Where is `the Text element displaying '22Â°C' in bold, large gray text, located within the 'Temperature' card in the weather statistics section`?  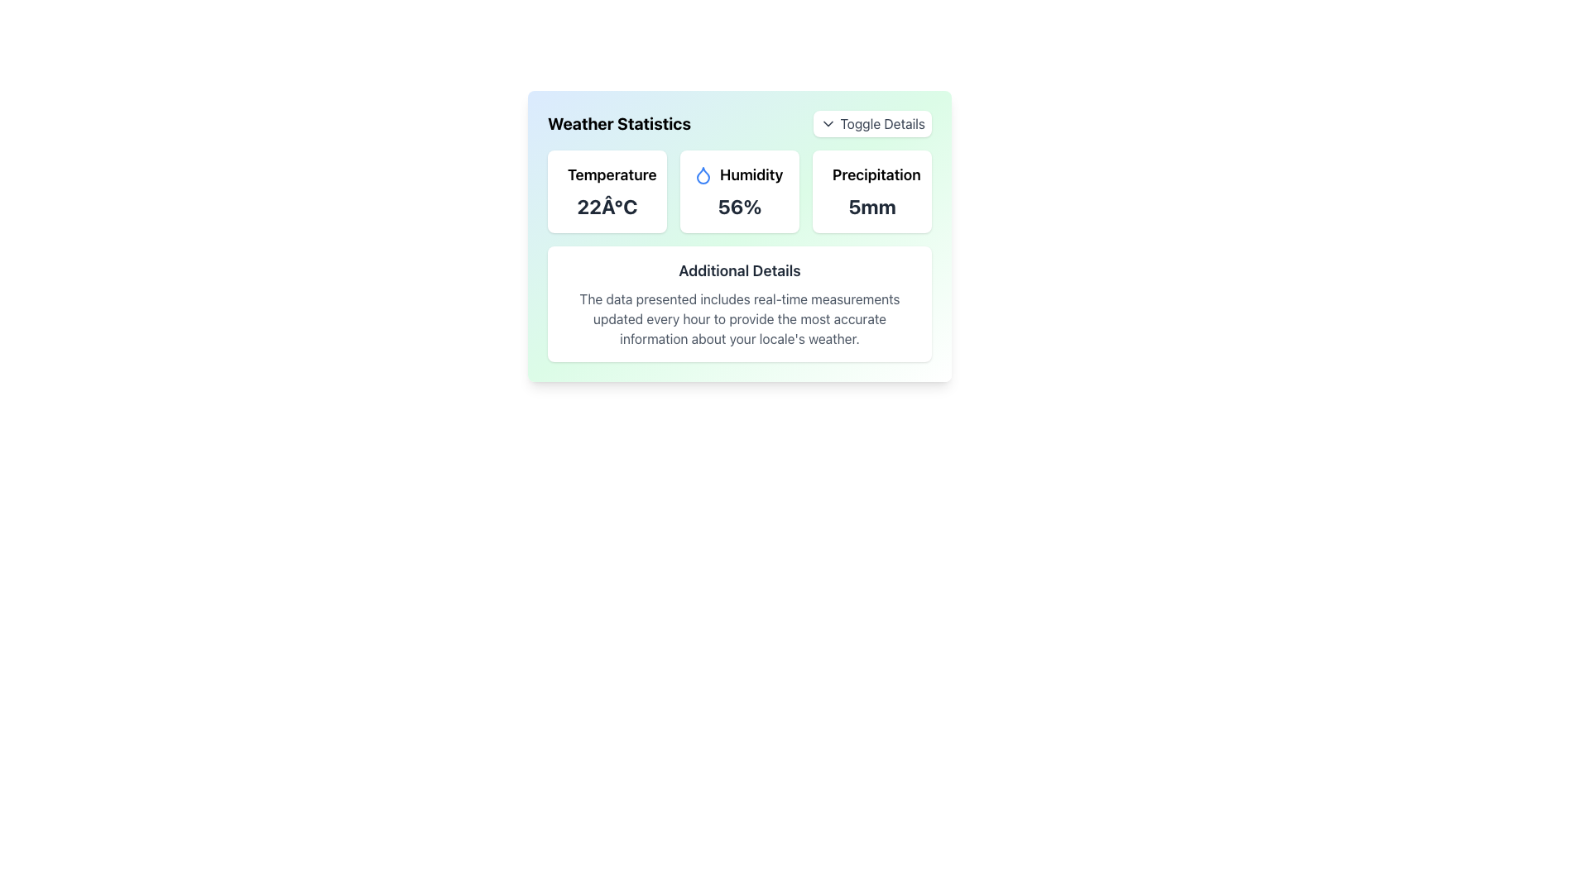
the Text element displaying '22Â°C' in bold, large gray text, located within the 'Temperature' card in the weather statistics section is located at coordinates (607, 206).